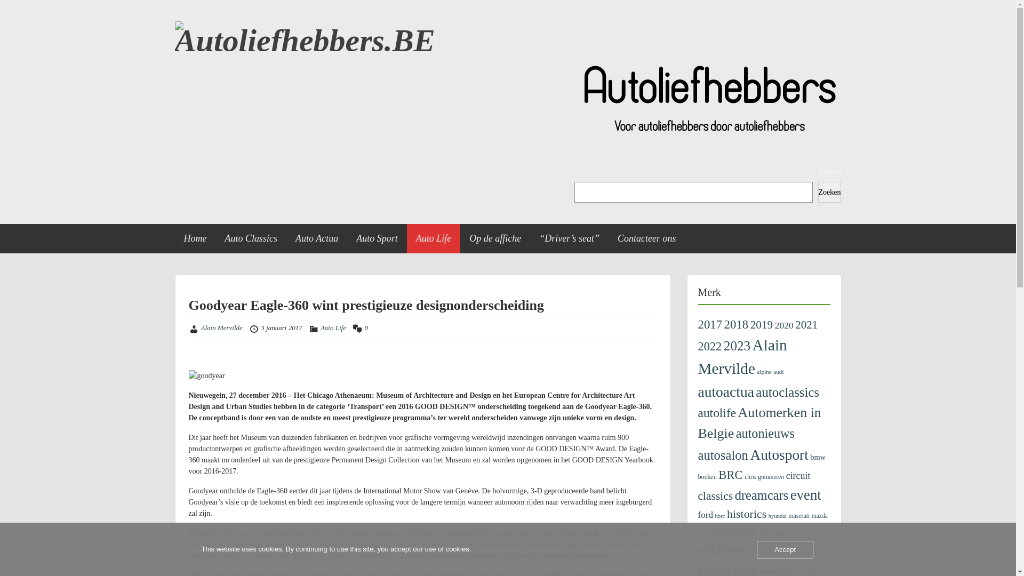 Image resolution: width=1024 pixels, height=576 pixels. I want to click on 'BRC', so click(730, 474).